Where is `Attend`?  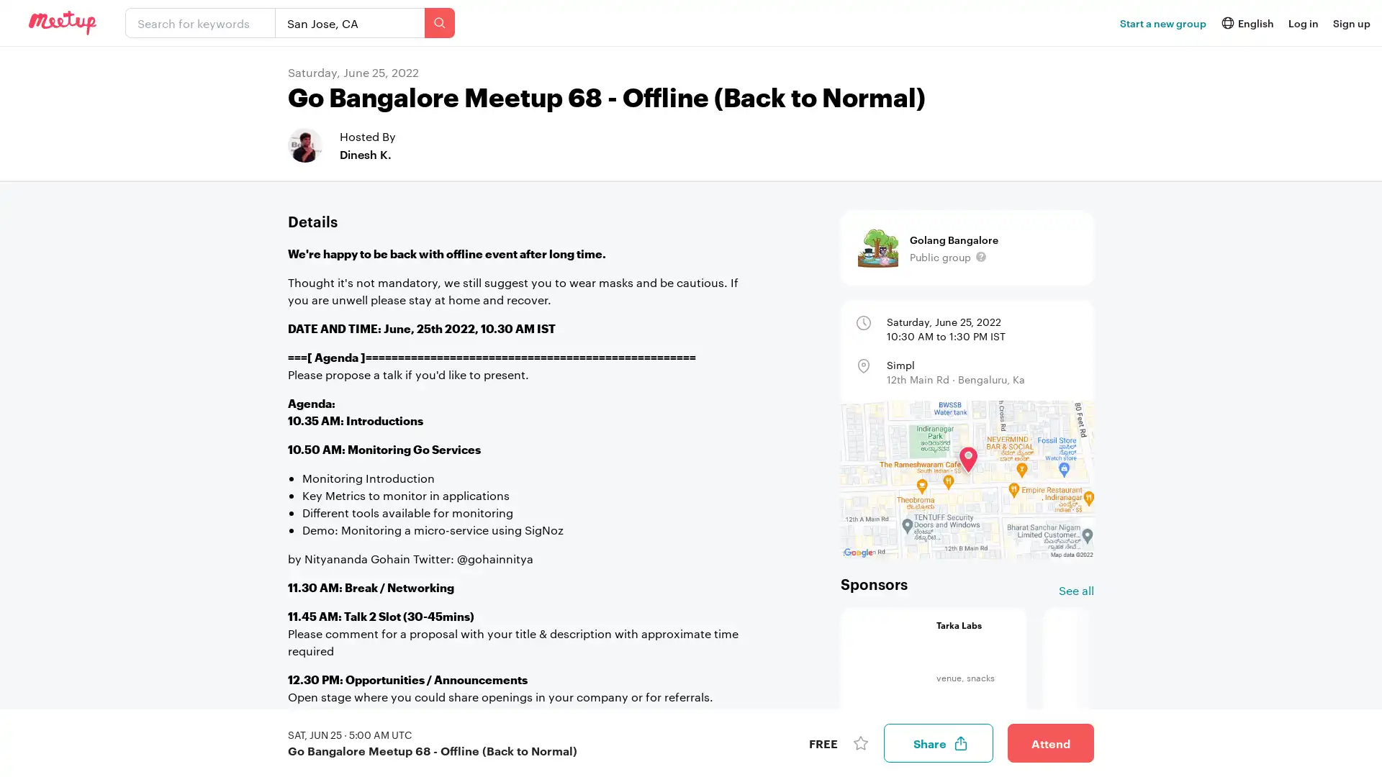 Attend is located at coordinates (1050, 743).